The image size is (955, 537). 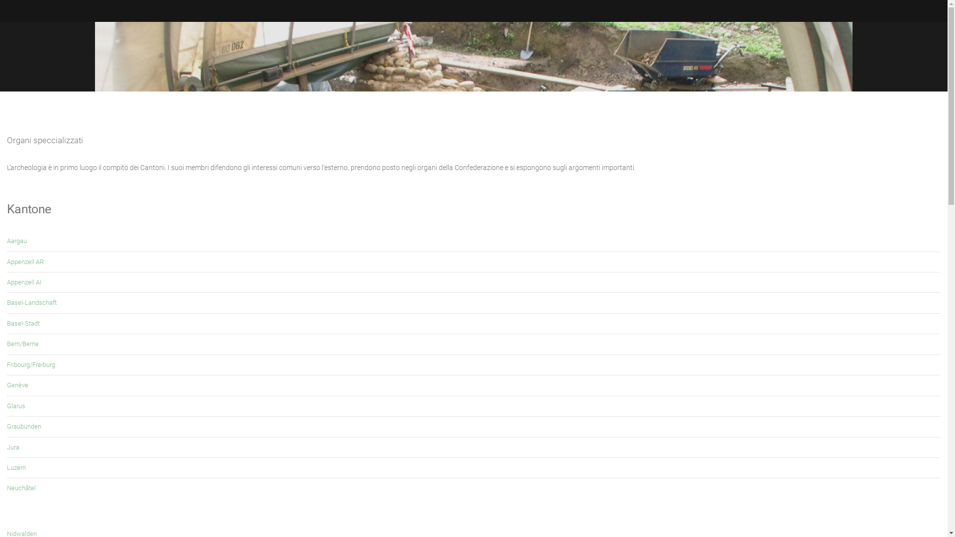 I want to click on 'Appenzell AR', so click(x=25, y=261).